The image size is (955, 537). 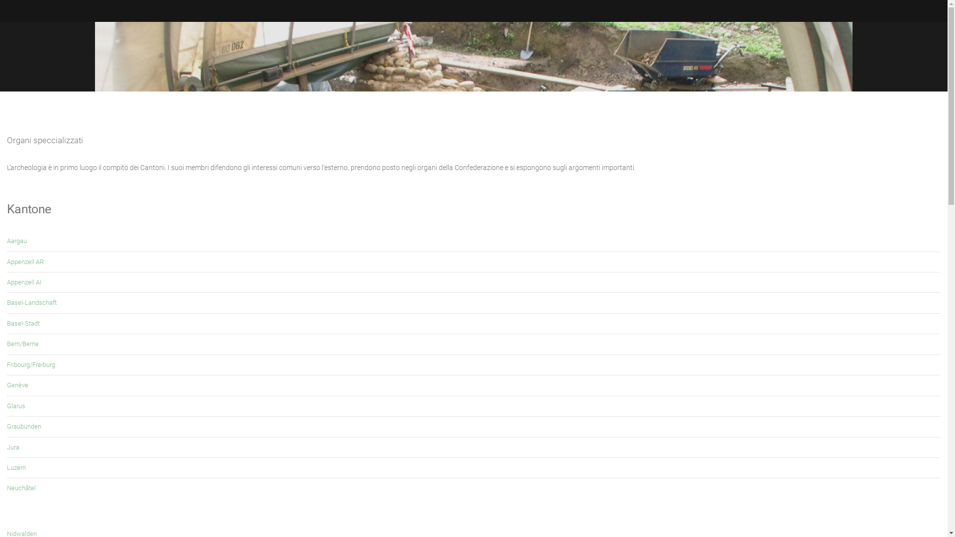 I want to click on 'Appenzell AR', so click(x=25, y=261).